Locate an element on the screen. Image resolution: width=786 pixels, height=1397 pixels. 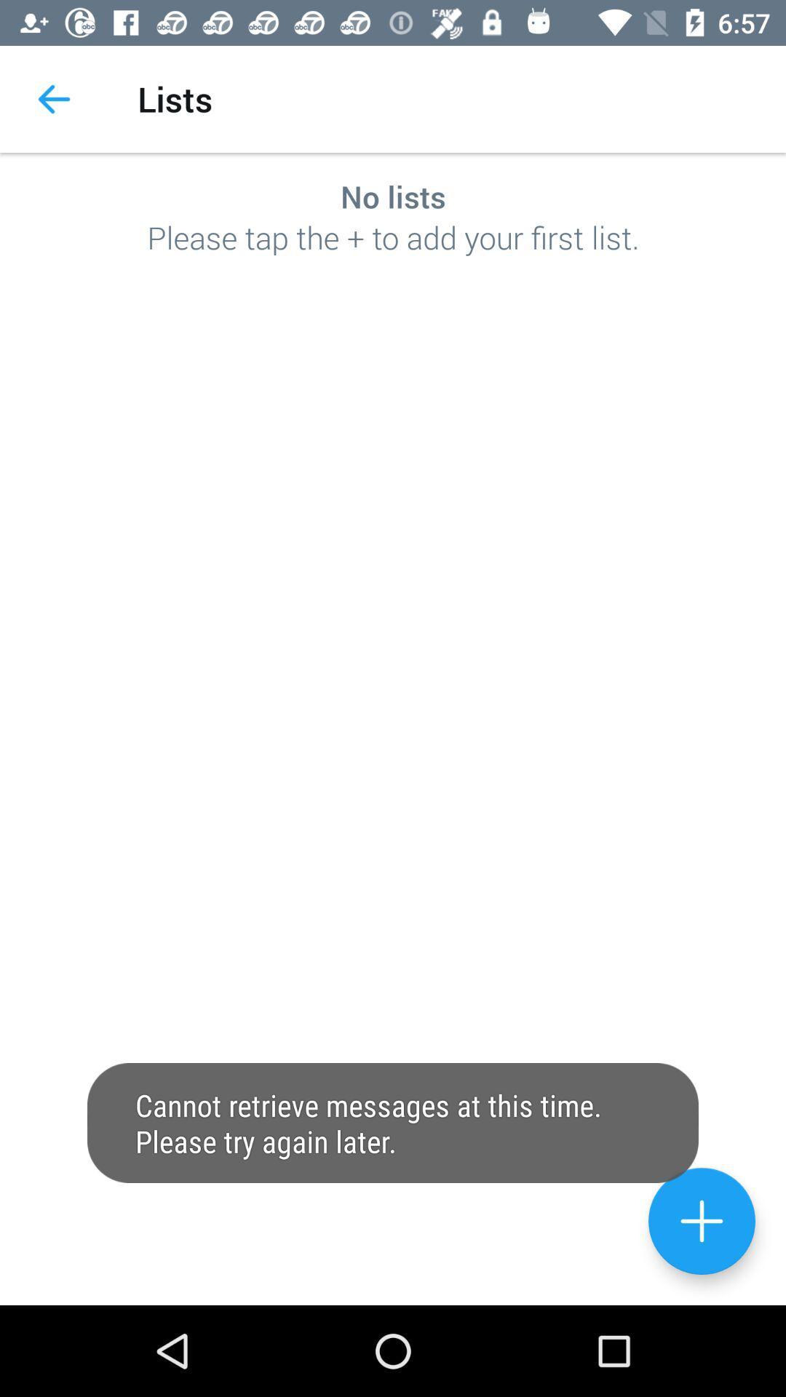
add option is located at coordinates (701, 1221).